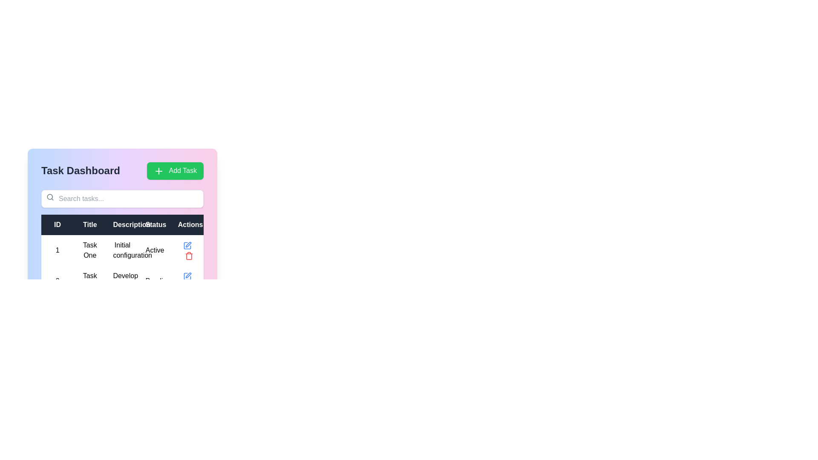 Image resolution: width=818 pixels, height=460 pixels. What do you see at coordinates (90, 224) in the screenshot?
I see `the 'Title' text label, which is the second column header in the table, displaying the word 'Title' in white against a dark background` at bounding box center [90, 224].